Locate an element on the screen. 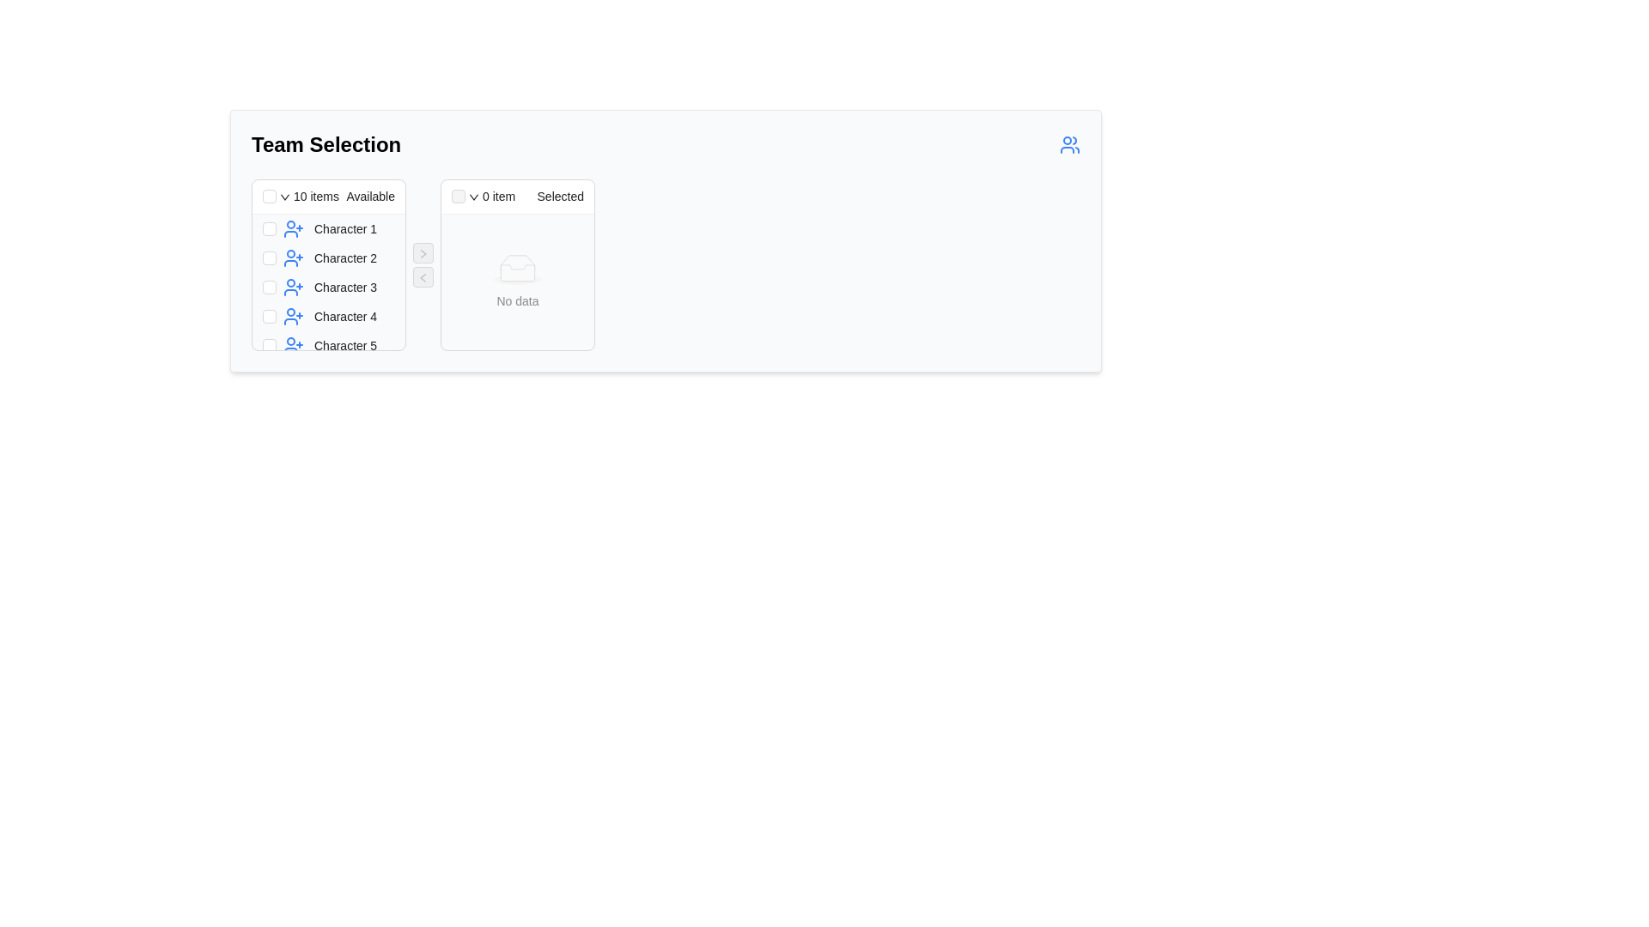  names listed in the vertically stacked list component under the 'Available' section of the 'Team Selection' panel, which includes checkboxes and user icons for each item is located at coordinates (329, 281).